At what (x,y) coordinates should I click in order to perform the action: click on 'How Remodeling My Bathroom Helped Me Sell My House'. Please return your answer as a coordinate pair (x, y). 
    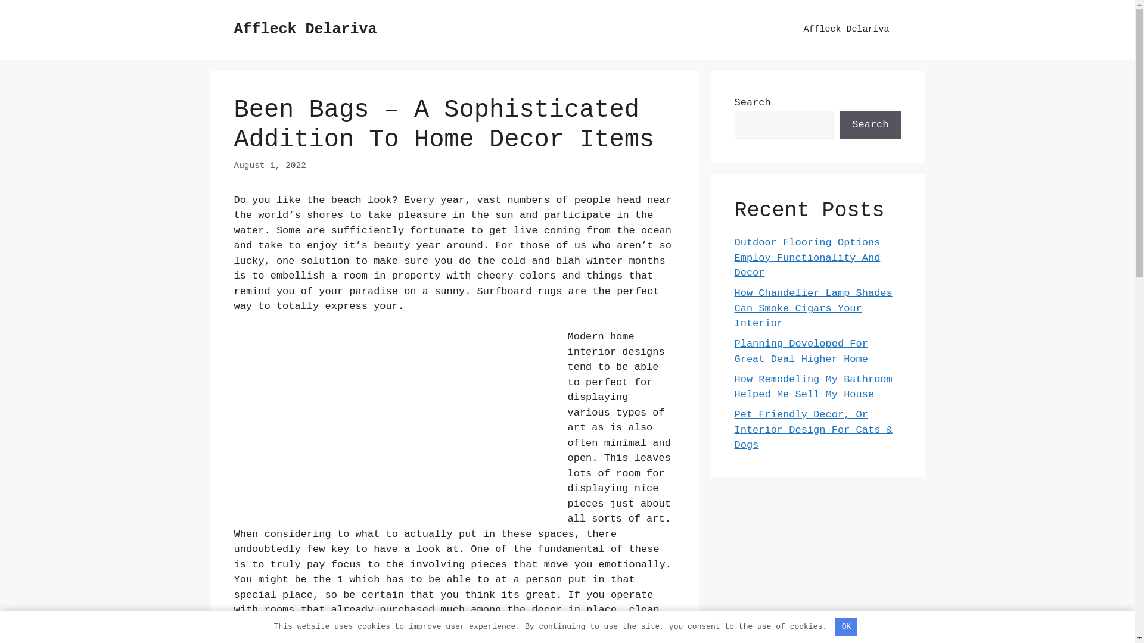
    Looking at the image, I should click on (733, 387).